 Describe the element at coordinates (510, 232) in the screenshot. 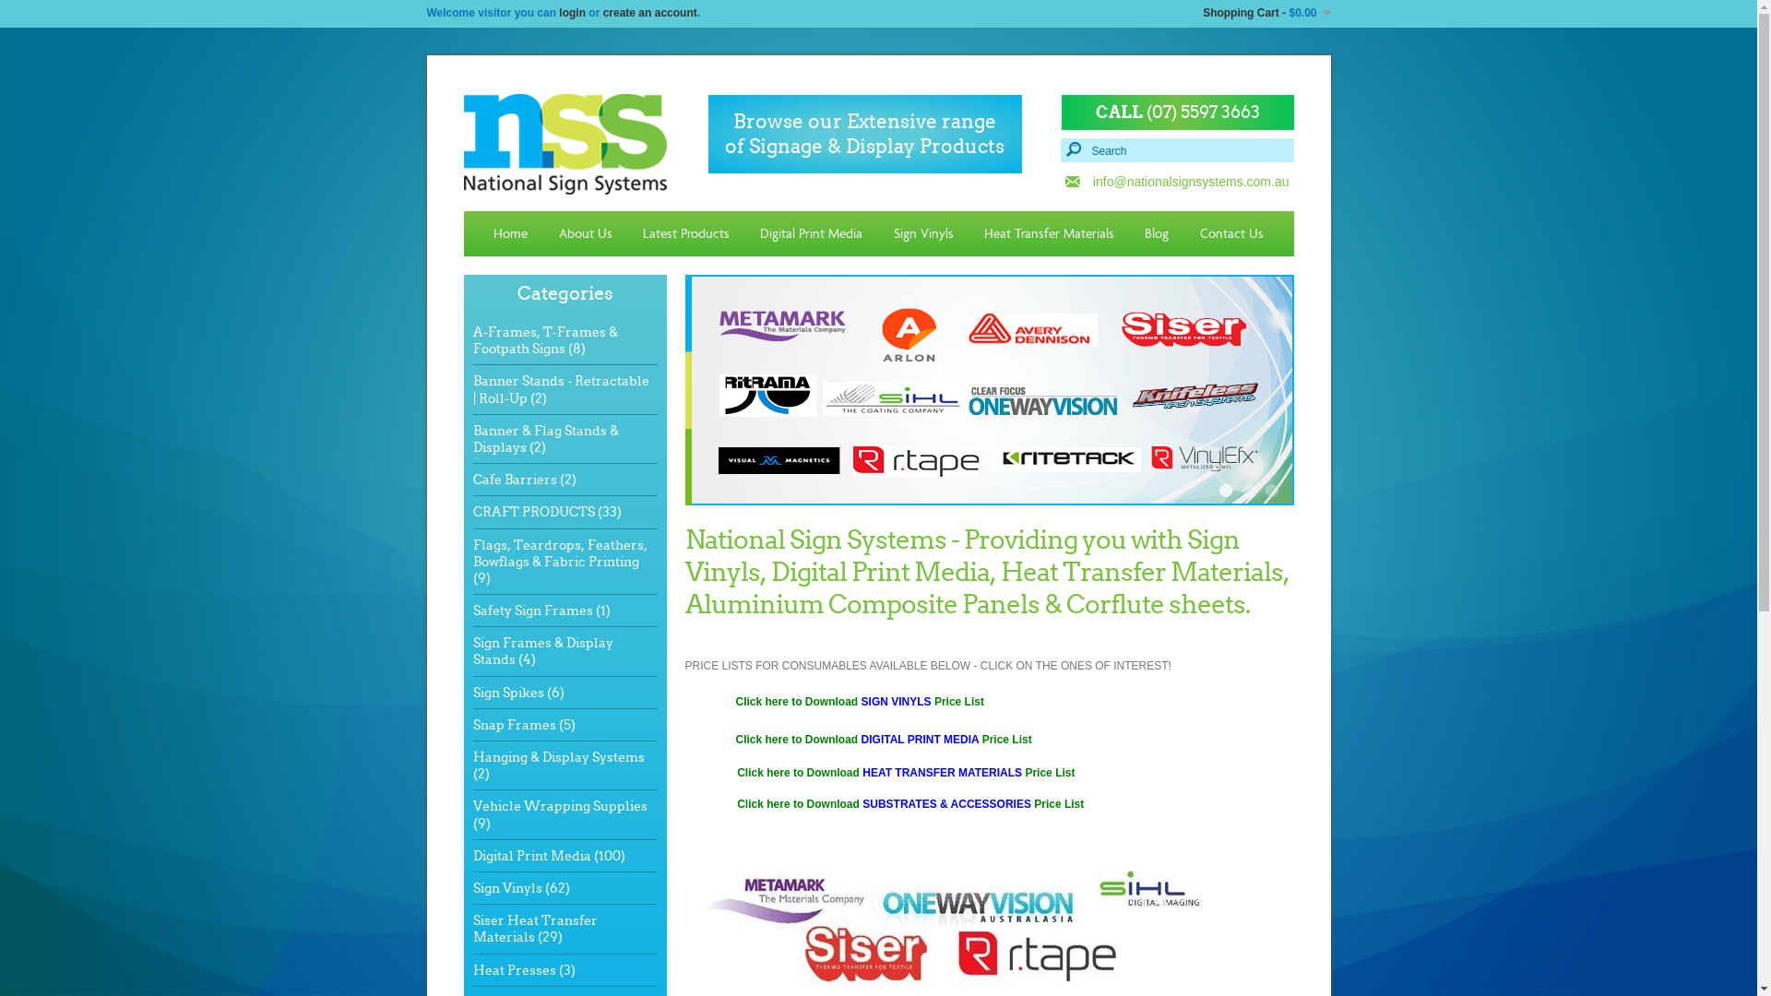

I see `'Home'` at that location.